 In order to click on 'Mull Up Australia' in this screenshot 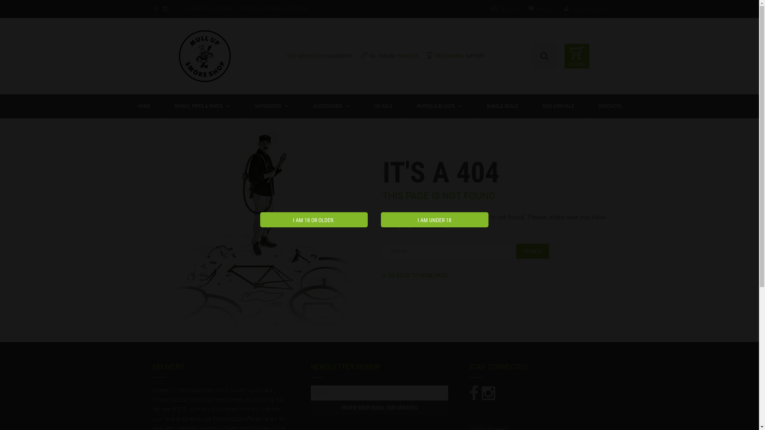, I will do `click(204, 61)`.